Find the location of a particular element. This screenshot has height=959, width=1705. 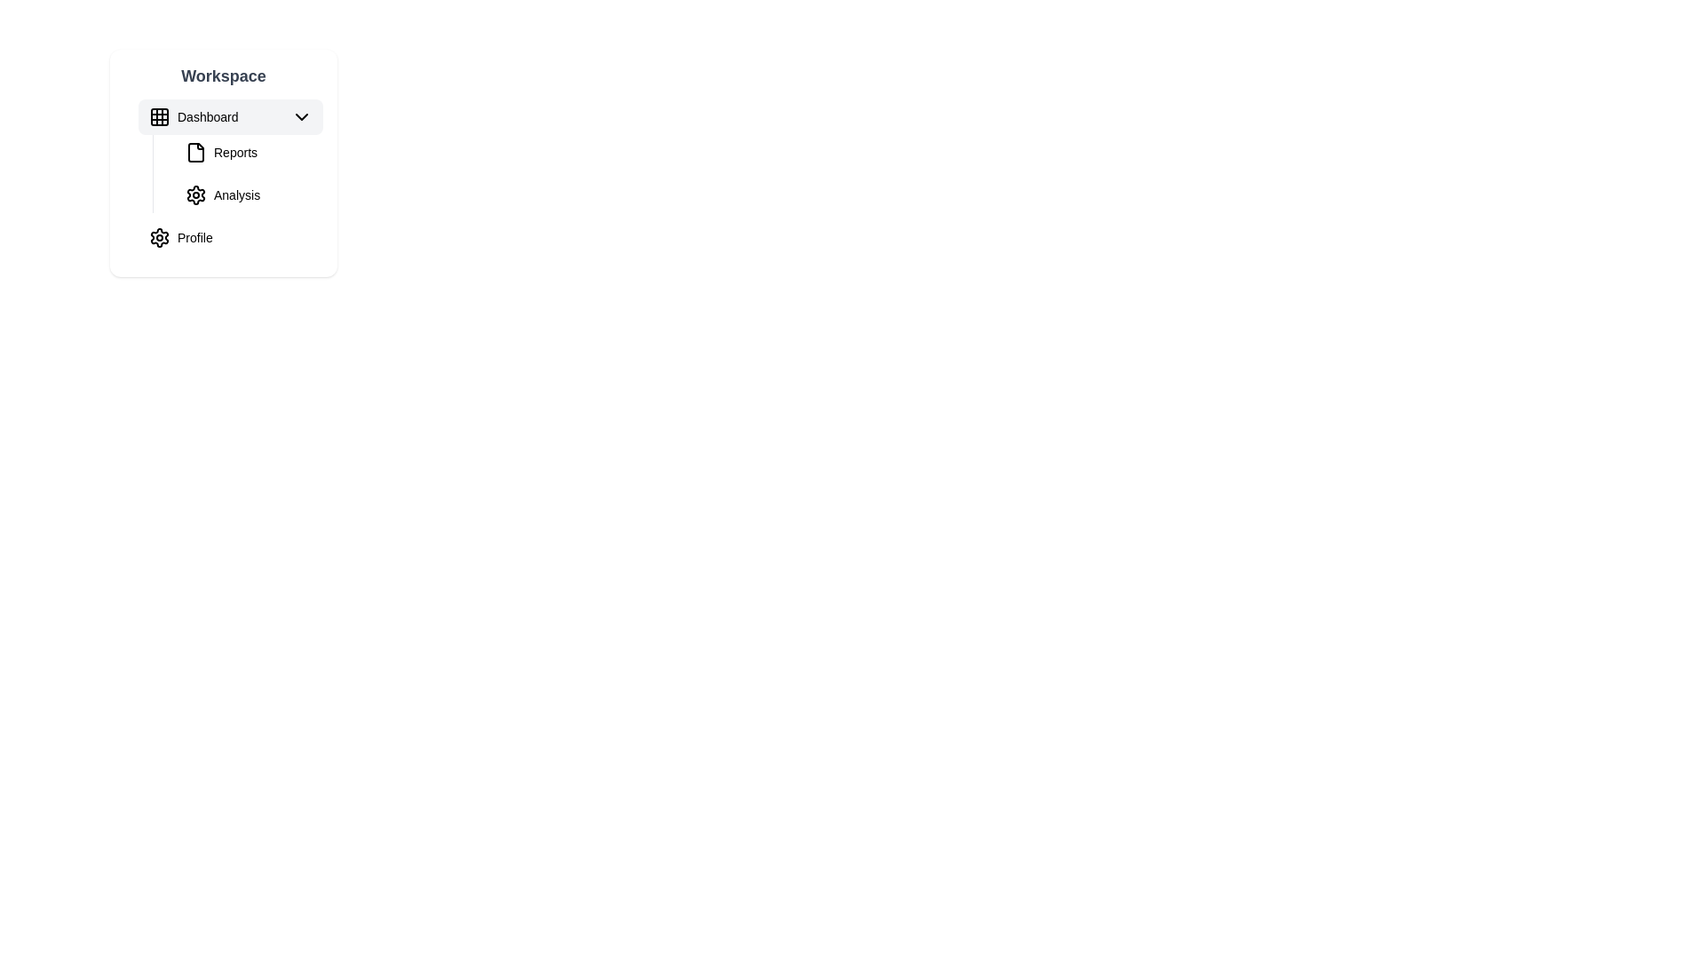

the 'Analysis' menu item located under the 'Workspace' section, which is the second option in the dropdown menu directly below 'Reports' is located at coordinates (248, 194).